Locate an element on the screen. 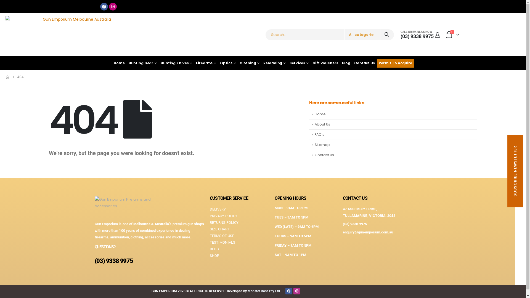 This screenshot has height=298, width=530. 'Clothing' is located at coordinates (237, 63).